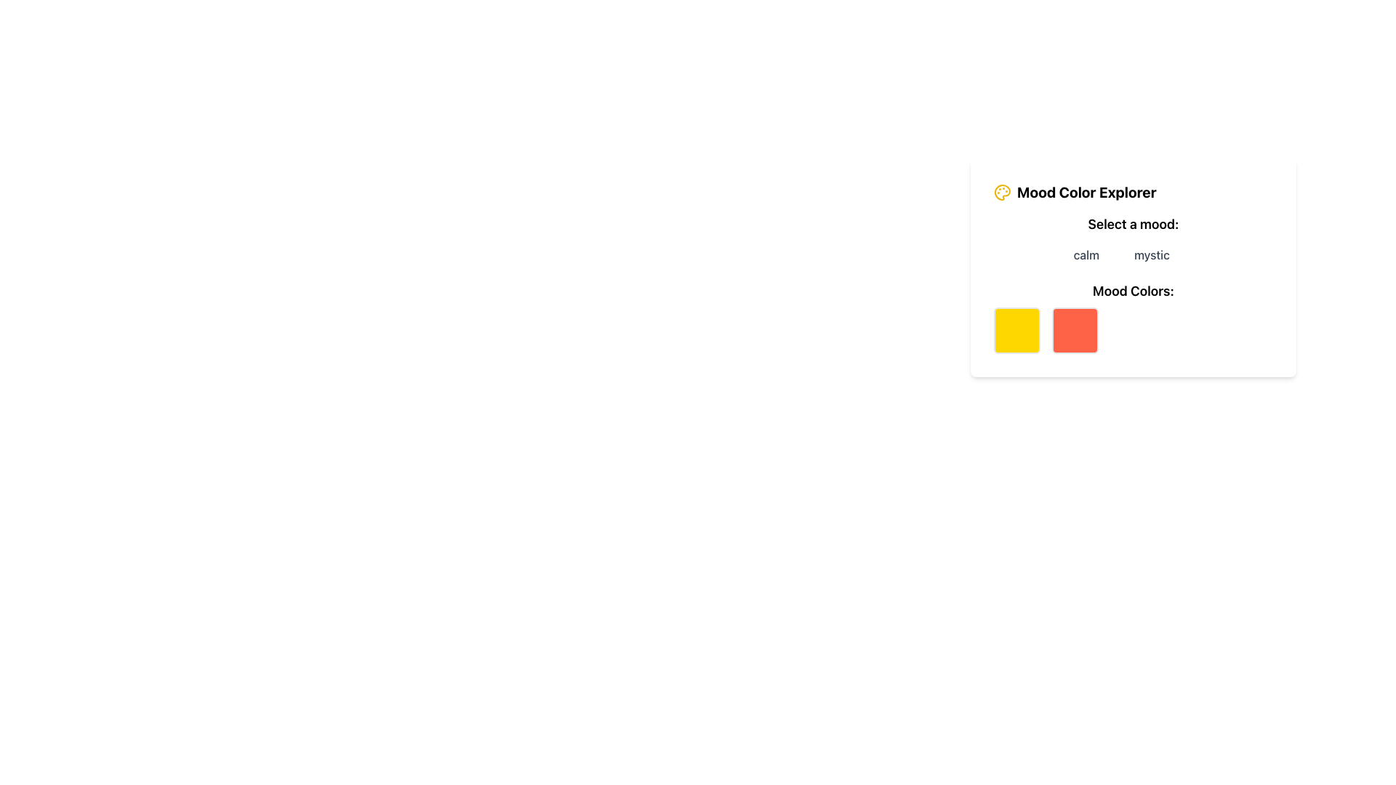  I want to click on the 'mystic' button, so click(1151, 254).